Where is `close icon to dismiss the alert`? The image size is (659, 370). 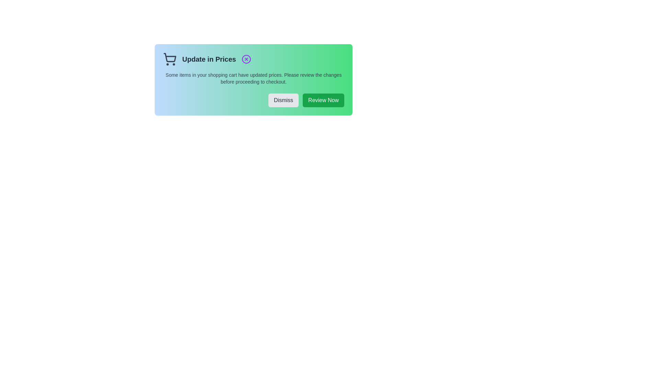 close icon to dismiss the alert is located at coordinates (246, 59).